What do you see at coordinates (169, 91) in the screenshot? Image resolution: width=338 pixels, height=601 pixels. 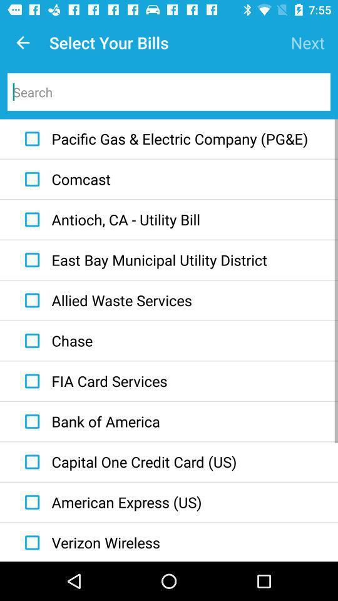 I see `search a bill` at bounding box center [169, 91].